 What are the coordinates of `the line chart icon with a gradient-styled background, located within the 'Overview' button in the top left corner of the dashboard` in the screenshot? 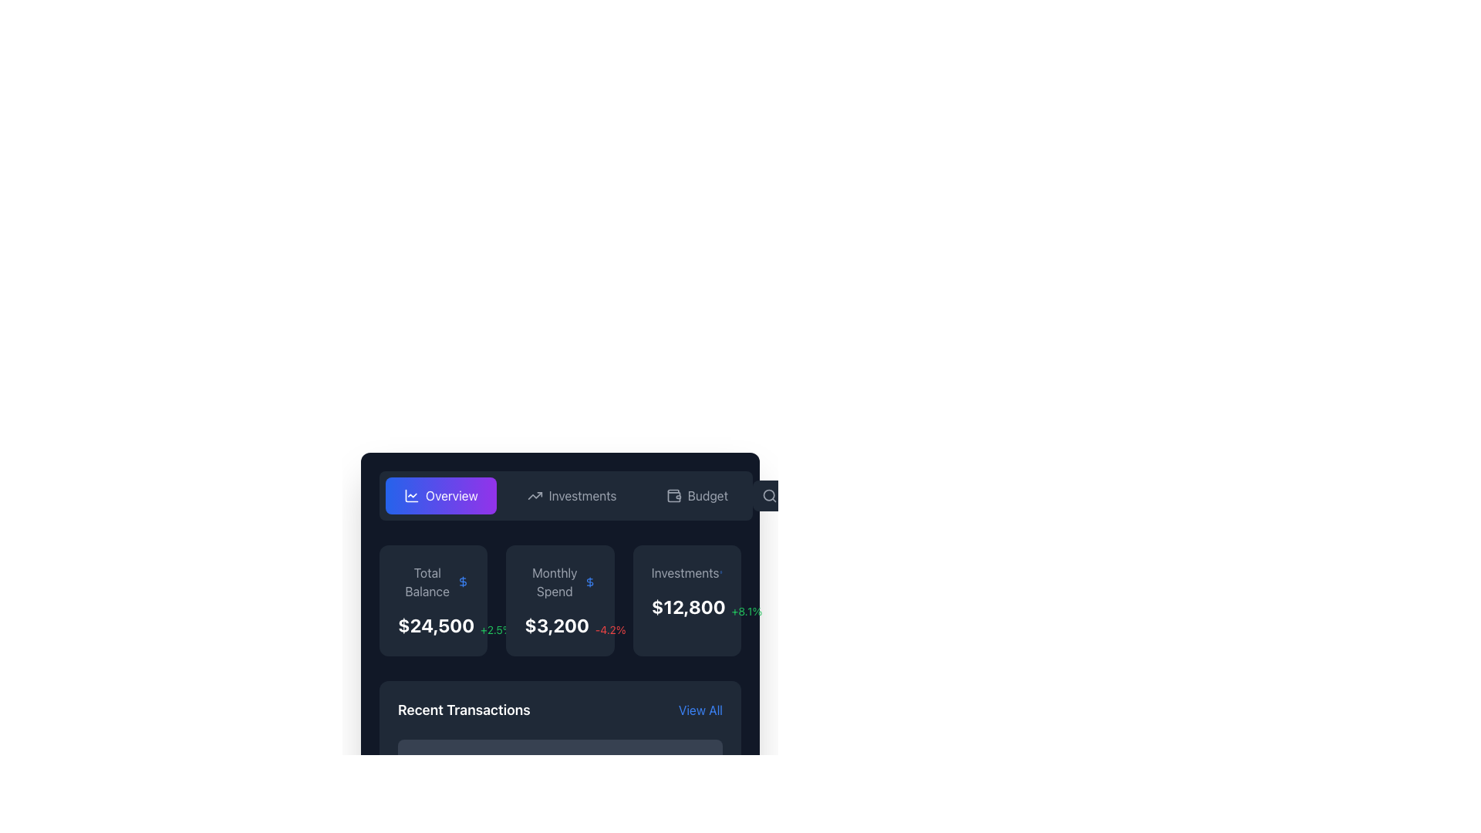 It's located at (411, 496).